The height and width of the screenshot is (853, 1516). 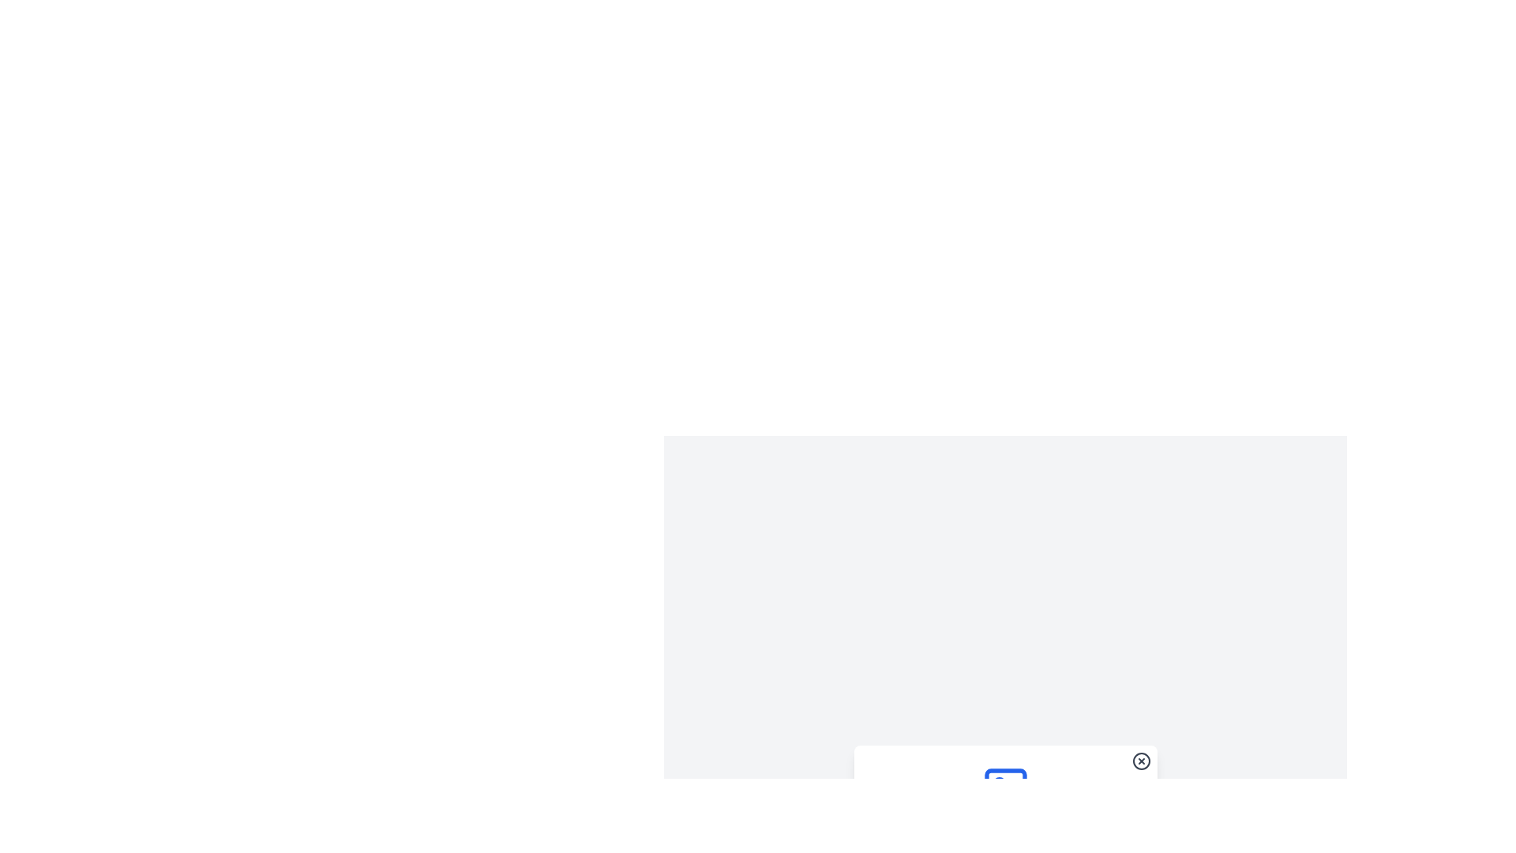 I want to click on the appearance of the SVG circle element with a cross graphic, which serves as a close action representation located at the bottom-right corner of the interface, so click(x=1141, y=761).